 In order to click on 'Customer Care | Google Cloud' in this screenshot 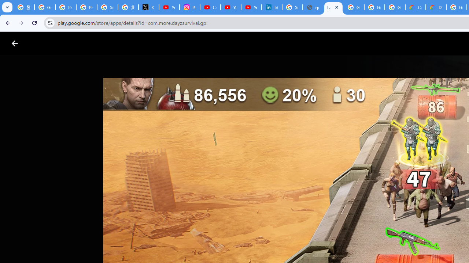, I will do `click(416, 7)`.